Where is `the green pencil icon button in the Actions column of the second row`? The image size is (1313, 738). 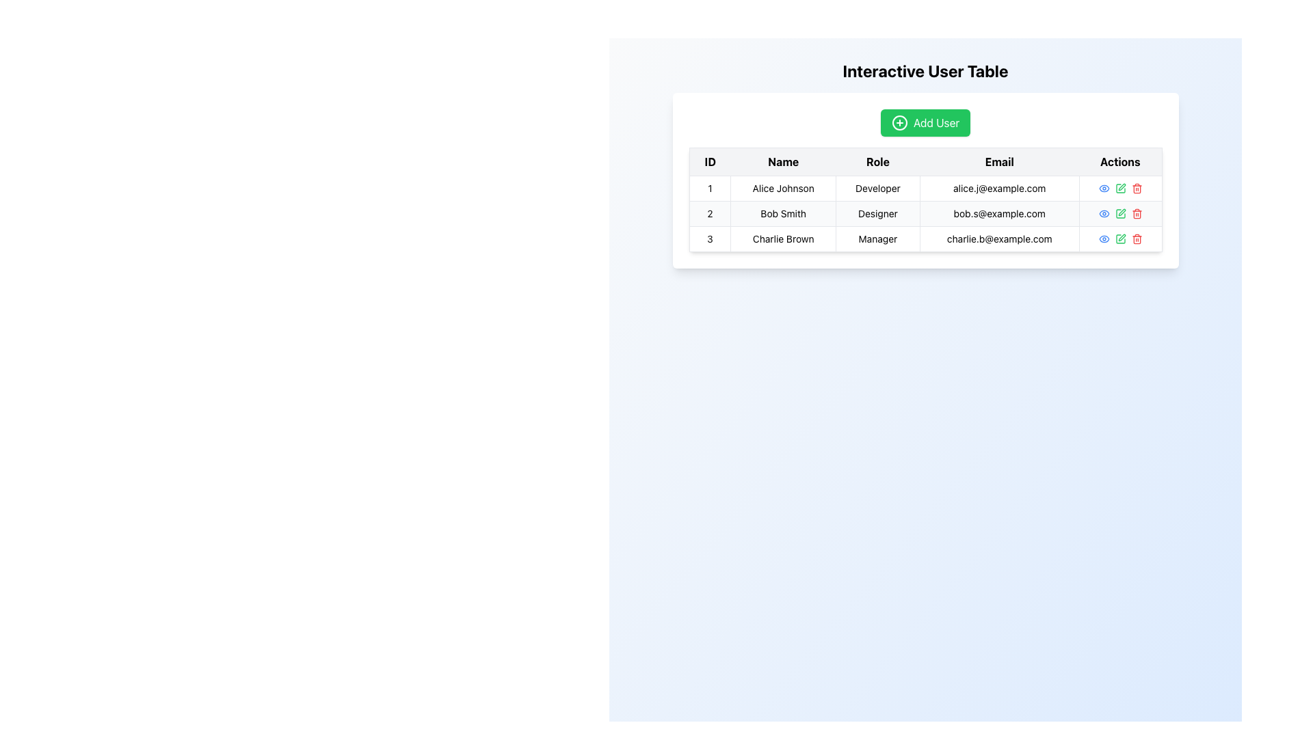
the green pencil icon button in the Actions column of the second row is located at coordinates (1120, 213).